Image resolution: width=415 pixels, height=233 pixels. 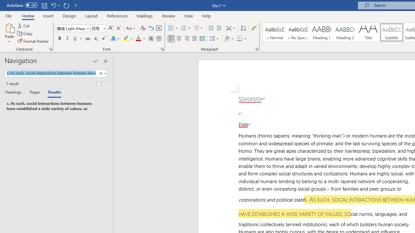 What do you see at coordinates (55, 5) in the screenshot?
I see `'Undo Style'` at bounding box center [55, 5].